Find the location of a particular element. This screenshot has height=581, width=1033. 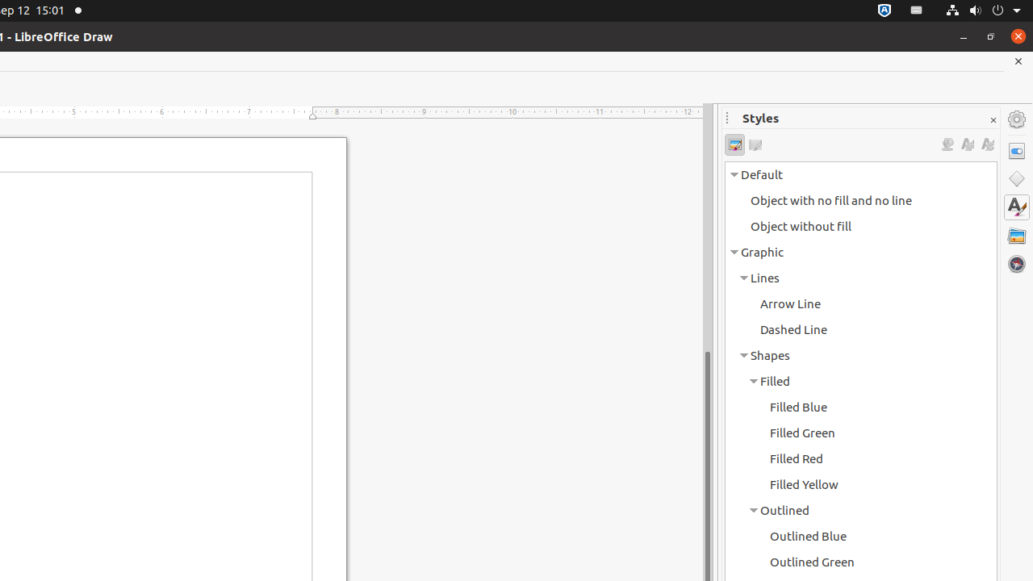

'System' is located at coordinates (982, 10).